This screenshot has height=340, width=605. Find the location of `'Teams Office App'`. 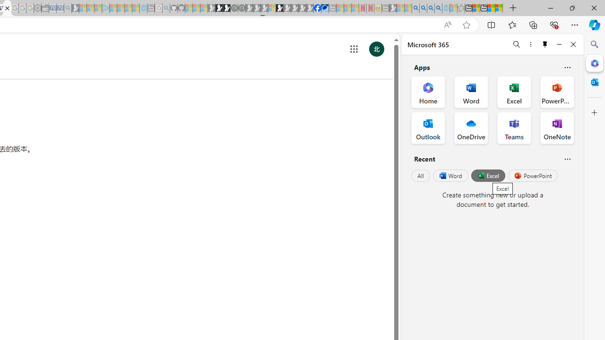

'Teams Office App' is located at coordinates (514, 128).